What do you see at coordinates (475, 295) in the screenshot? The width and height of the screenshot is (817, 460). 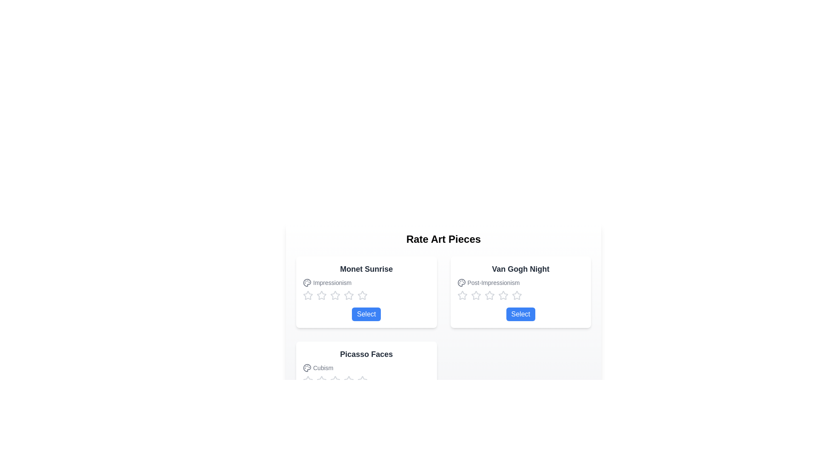 I see `the second star icon representing a rating option under the 'Post-Impressionism' section to rate it` at bounding box center [475, 295].